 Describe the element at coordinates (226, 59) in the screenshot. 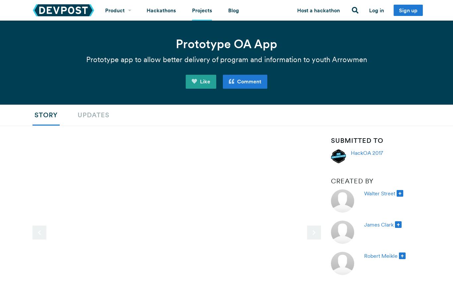

I see `'Prototype app to allow better delivery of program and information to youth Arrowmen'` at that location.